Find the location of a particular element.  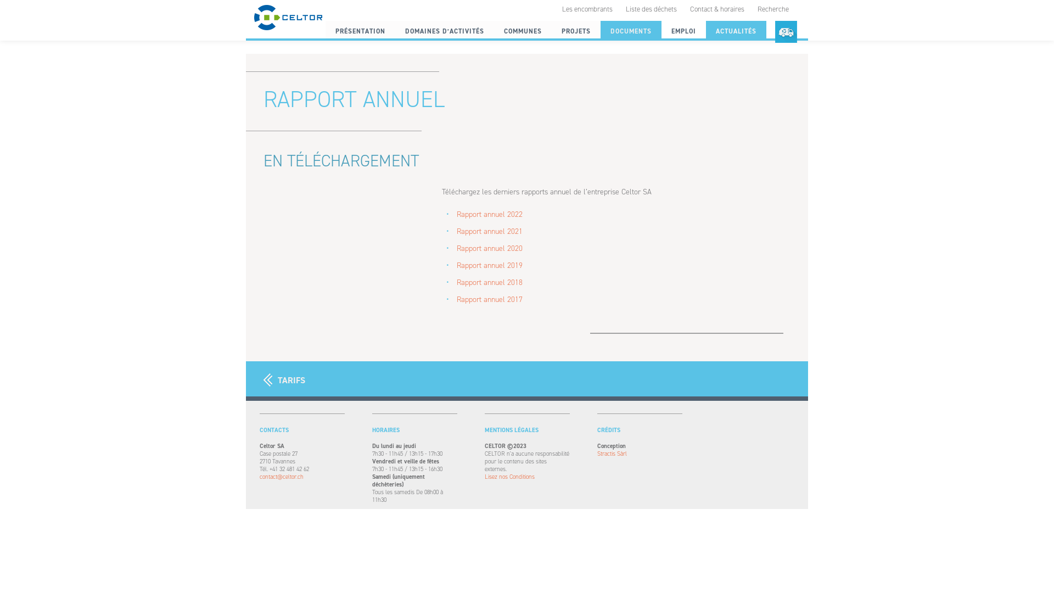

'Rapport annuel 2018' is located at coordinates (489, 282).